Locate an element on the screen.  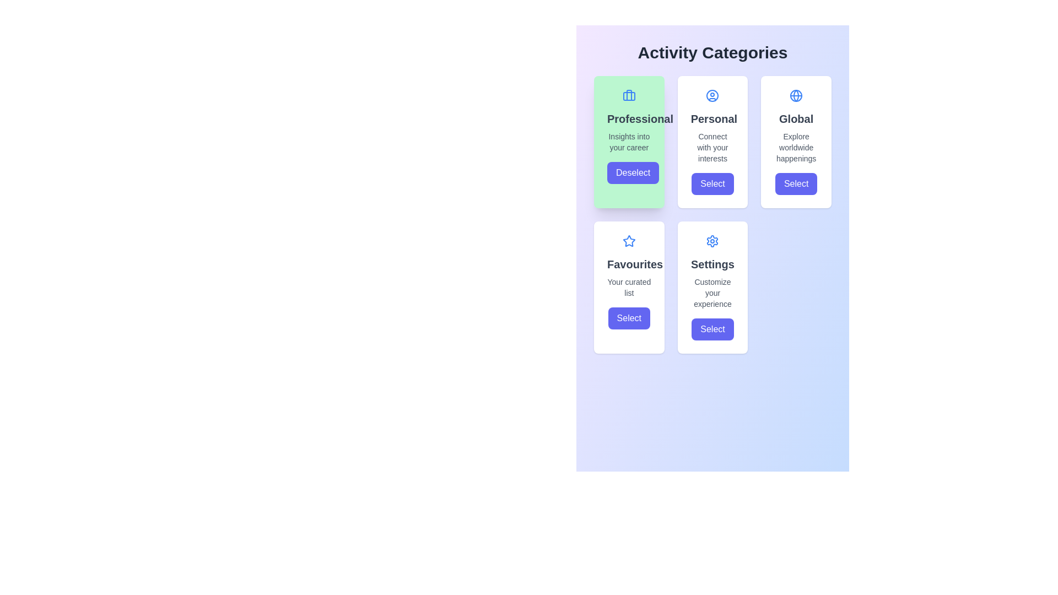
the blue user-circle icon located at the top of the 'Personal' card, which features a circular border and a user silhouette in the center is located at coordinates (712, 95).